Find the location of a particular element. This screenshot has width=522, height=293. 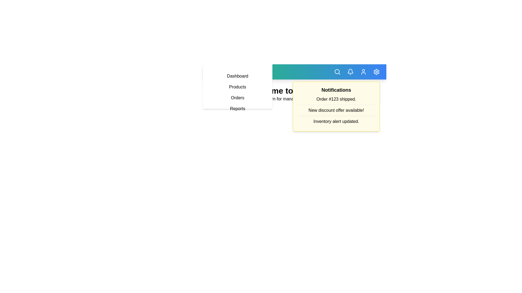

the 'Reports' button, which is the last item in a vertical list below 'Dashboard', 'Products', and 'Orders' is located at coordinates (237, 109).